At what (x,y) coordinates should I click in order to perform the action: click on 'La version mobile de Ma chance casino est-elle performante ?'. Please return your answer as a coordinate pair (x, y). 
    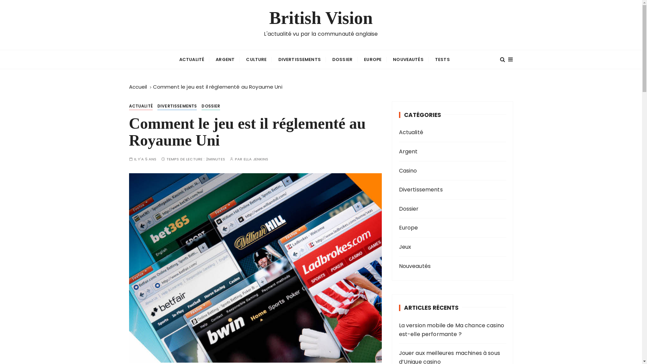
    Looking at the image, I should click on (453, 329).